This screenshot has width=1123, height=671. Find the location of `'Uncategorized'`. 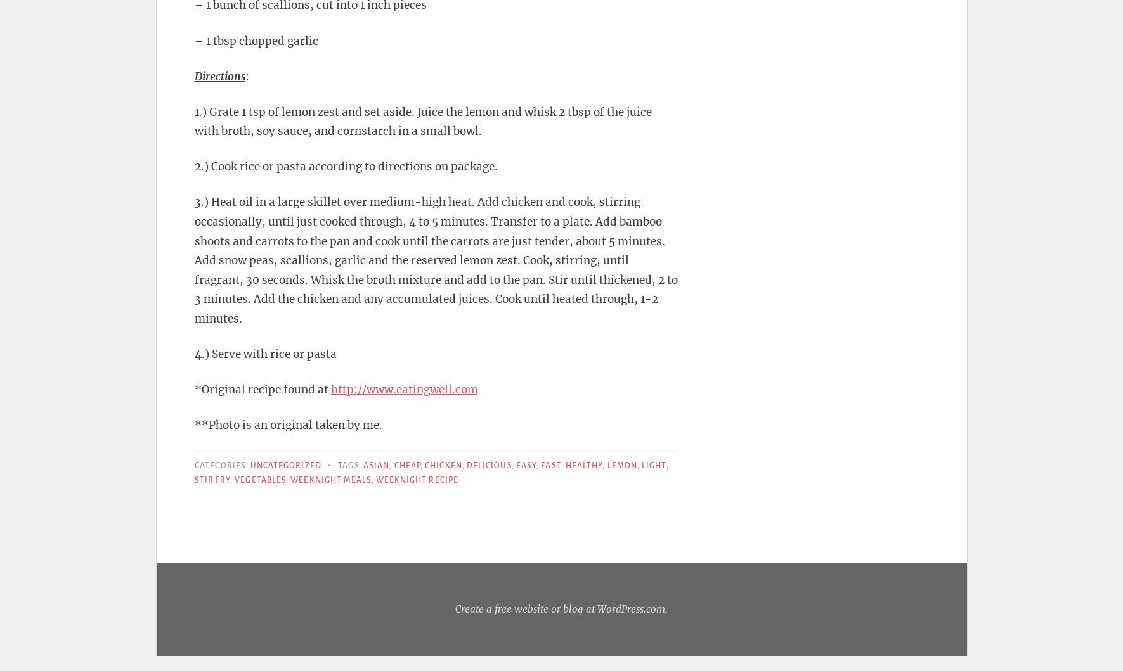

'Uncategorized' is located at coordinates (285, 466).